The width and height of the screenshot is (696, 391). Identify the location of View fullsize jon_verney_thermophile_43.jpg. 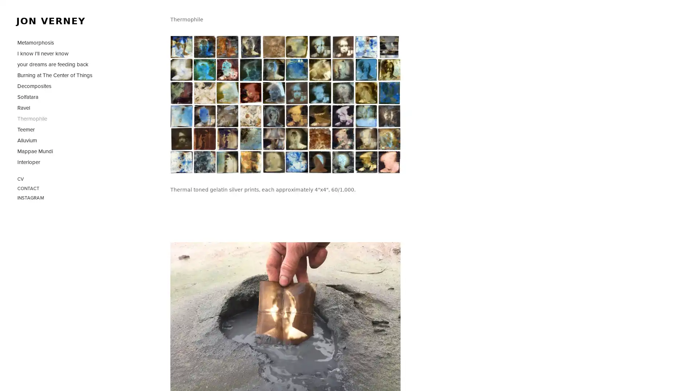
(250, 92).